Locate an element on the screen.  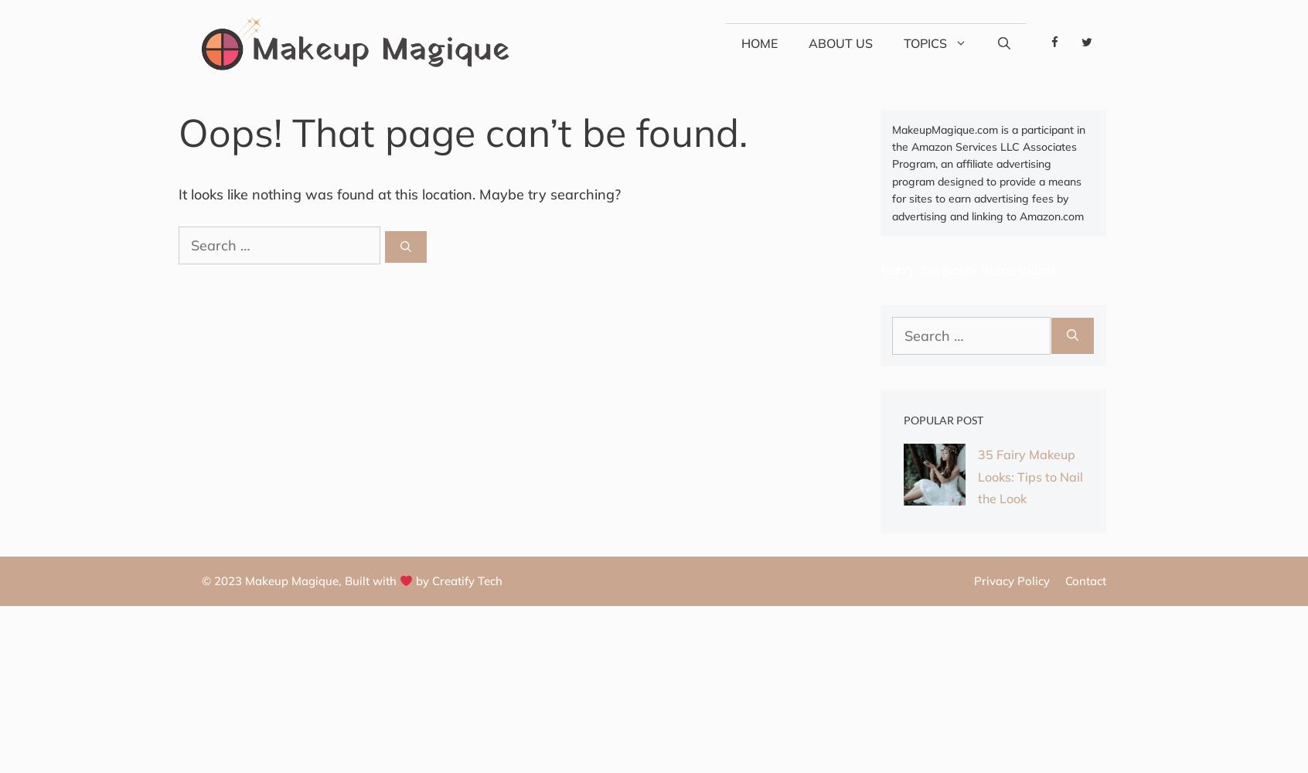
'by' is located at coordinates (422, 581).